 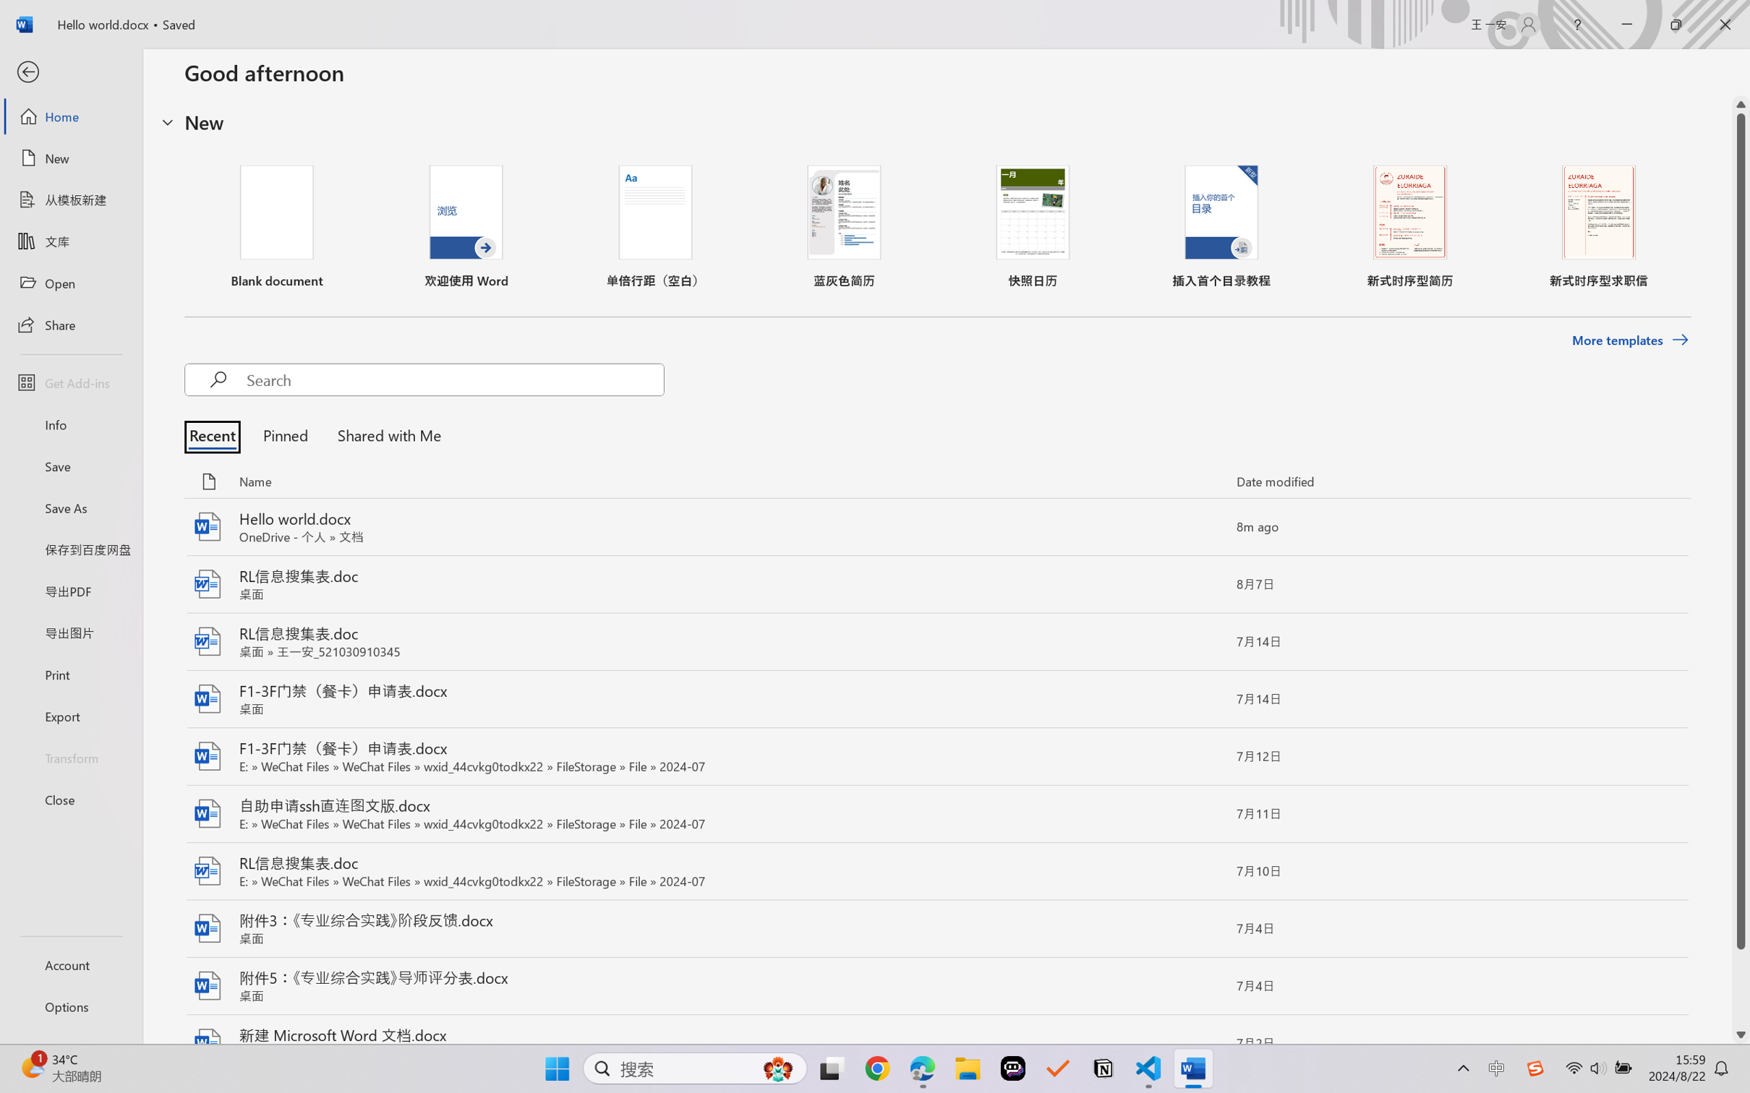 What do you see at coordinates (385, 434) in the screenshot?
I see `'Shared with Me'` at bounding box center [385, 434].